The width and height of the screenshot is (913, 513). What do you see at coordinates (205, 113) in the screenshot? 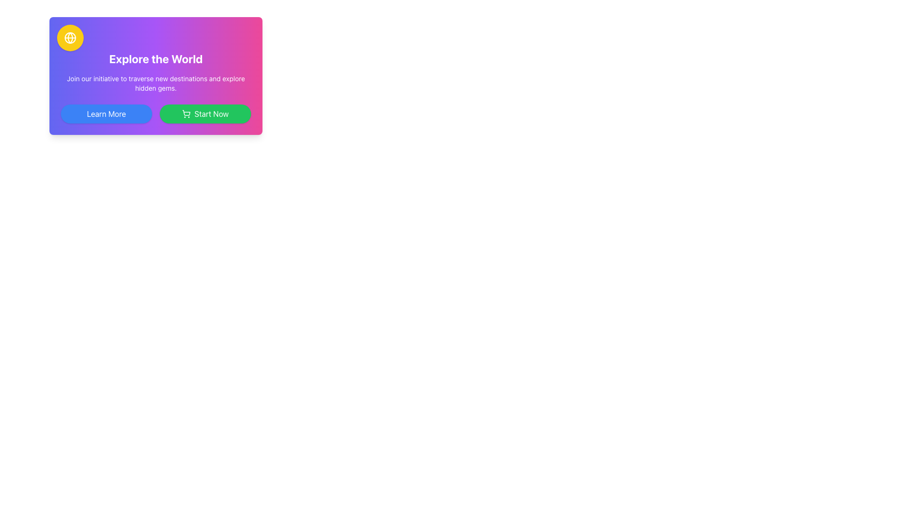
I see `the 'Start Now' button with a green background and white text to observe hover effects` at bounding box center [205, 113].